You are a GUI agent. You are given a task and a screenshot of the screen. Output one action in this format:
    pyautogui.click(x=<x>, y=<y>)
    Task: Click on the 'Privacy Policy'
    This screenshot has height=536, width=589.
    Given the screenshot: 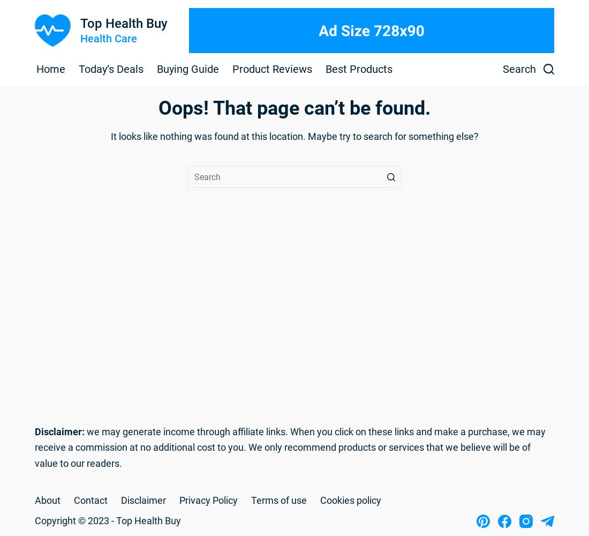 What is the action you would take?
    pyautogui.click(x=208, y=500)
    